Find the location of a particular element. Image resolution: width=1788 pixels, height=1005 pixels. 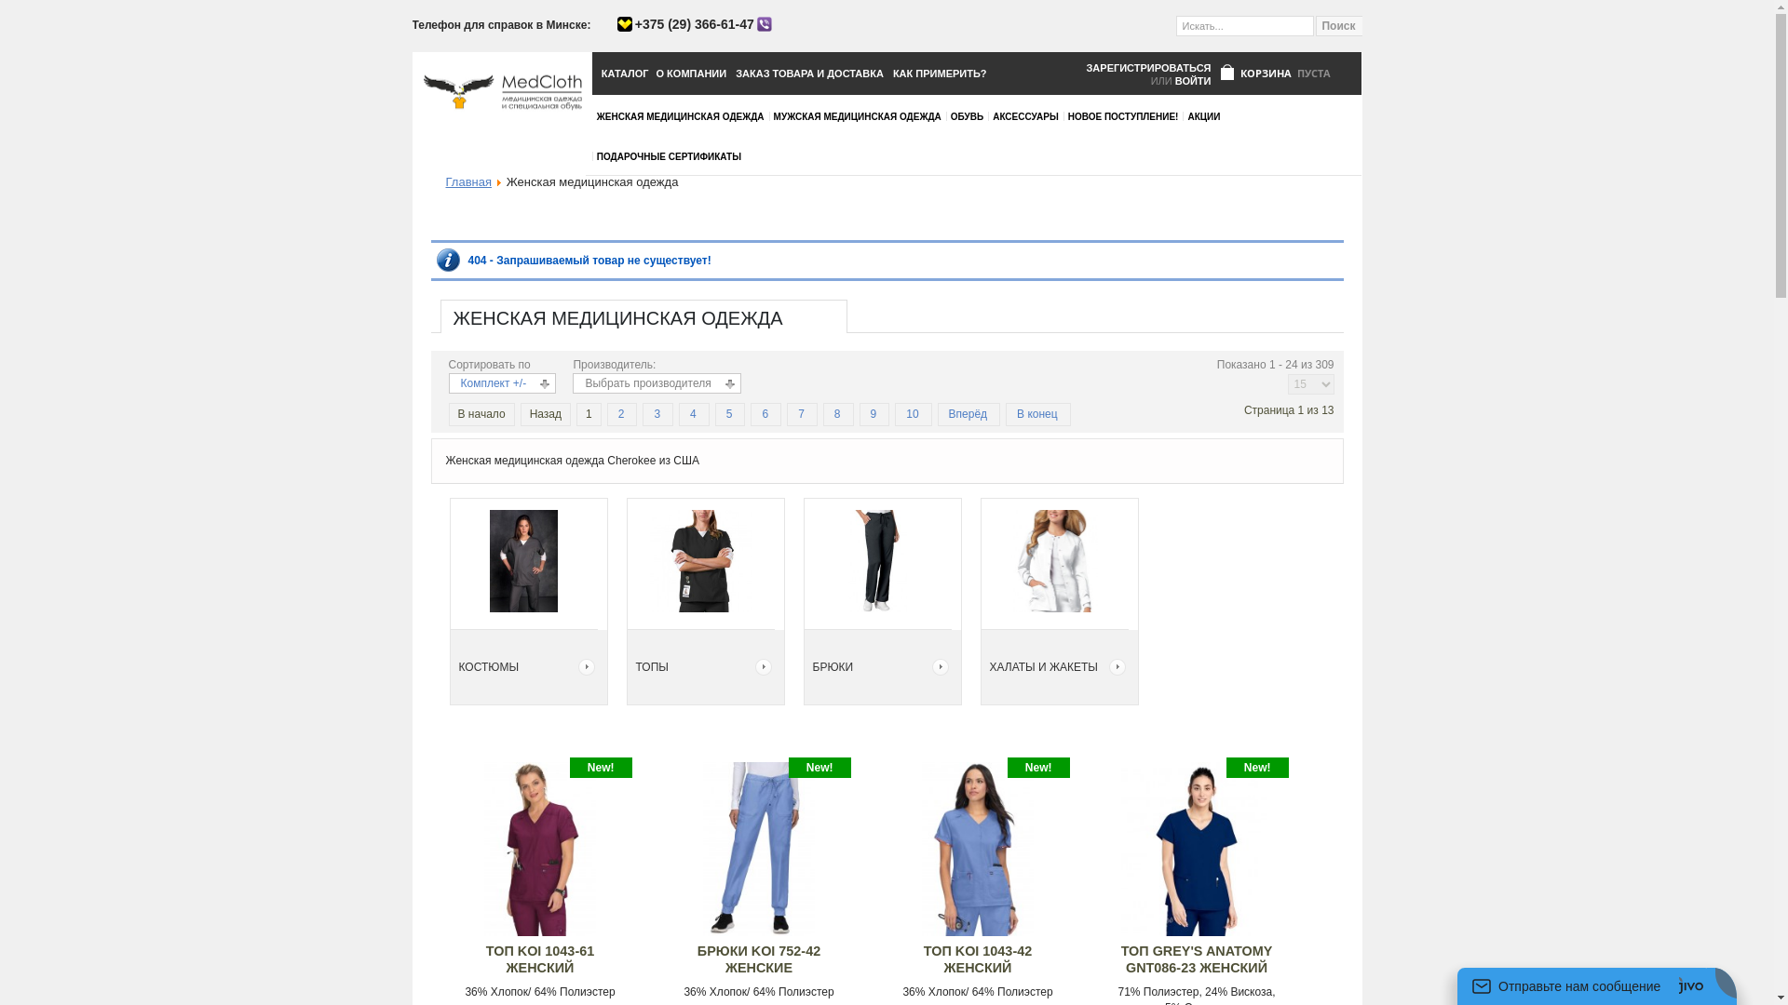

'4' is located at coordinates (692, 412).